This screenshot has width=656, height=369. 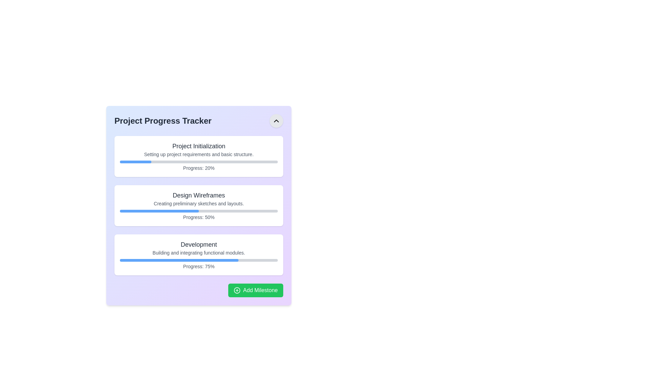 What do you see at coordinates (198, 203) in the screenshot?
I see `the Text label that contains the text "Creating preliminary sketches and layouts." positioned below the header "Design Wireframes."` at bounding box center [198, 203].